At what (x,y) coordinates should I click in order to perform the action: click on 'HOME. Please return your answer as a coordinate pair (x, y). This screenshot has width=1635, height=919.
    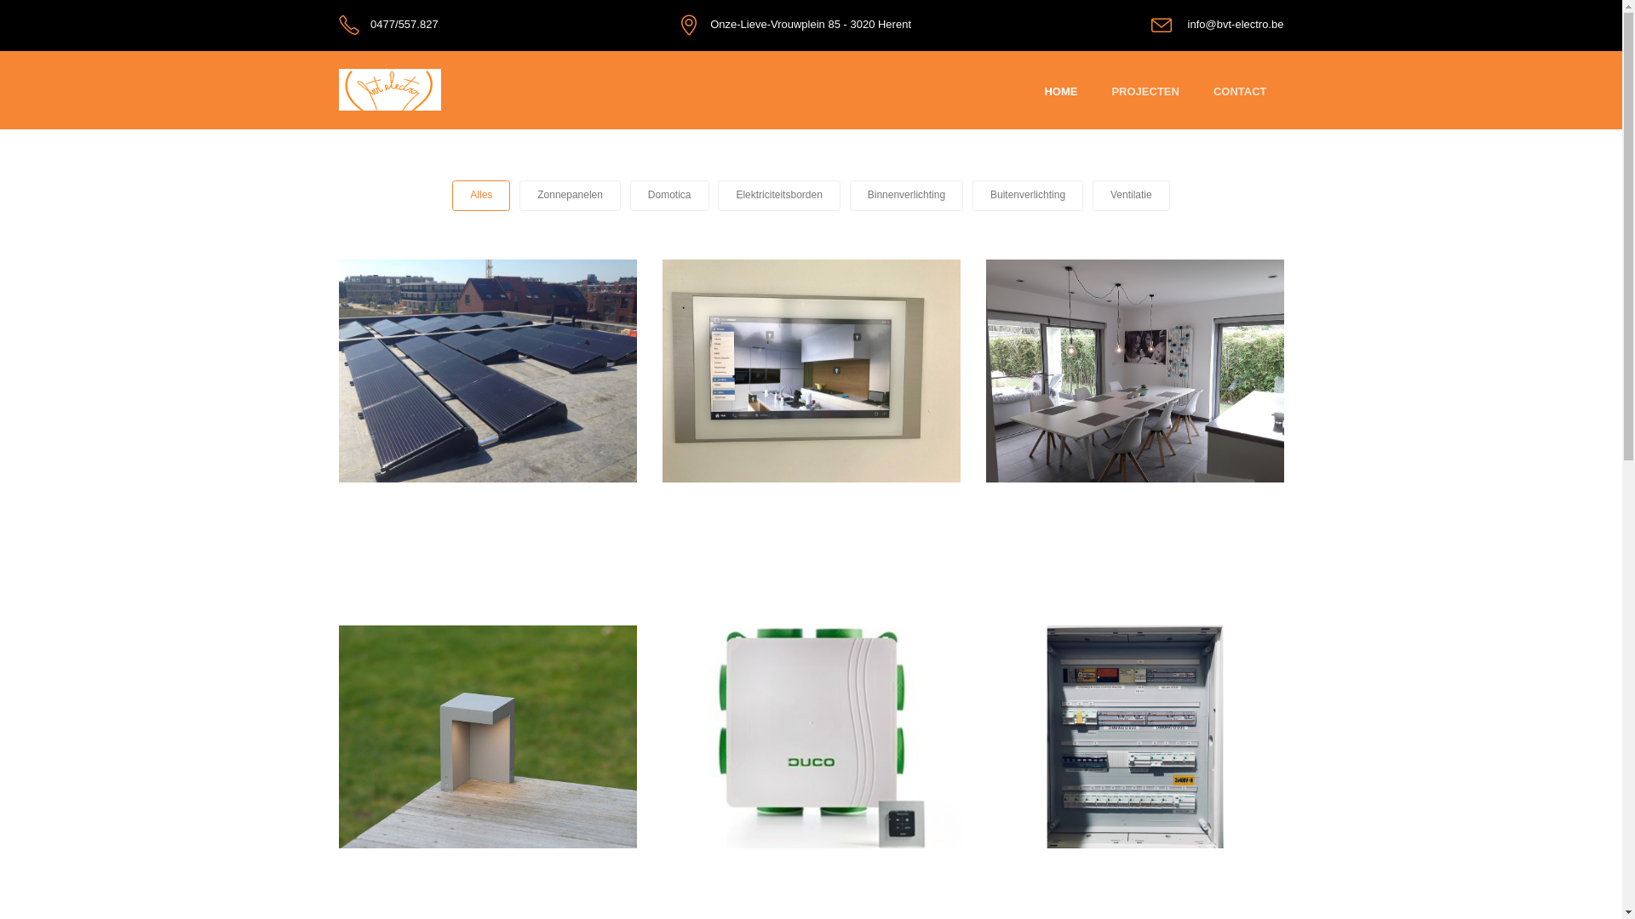
    Looking at the image, I should click on (1059, 92).